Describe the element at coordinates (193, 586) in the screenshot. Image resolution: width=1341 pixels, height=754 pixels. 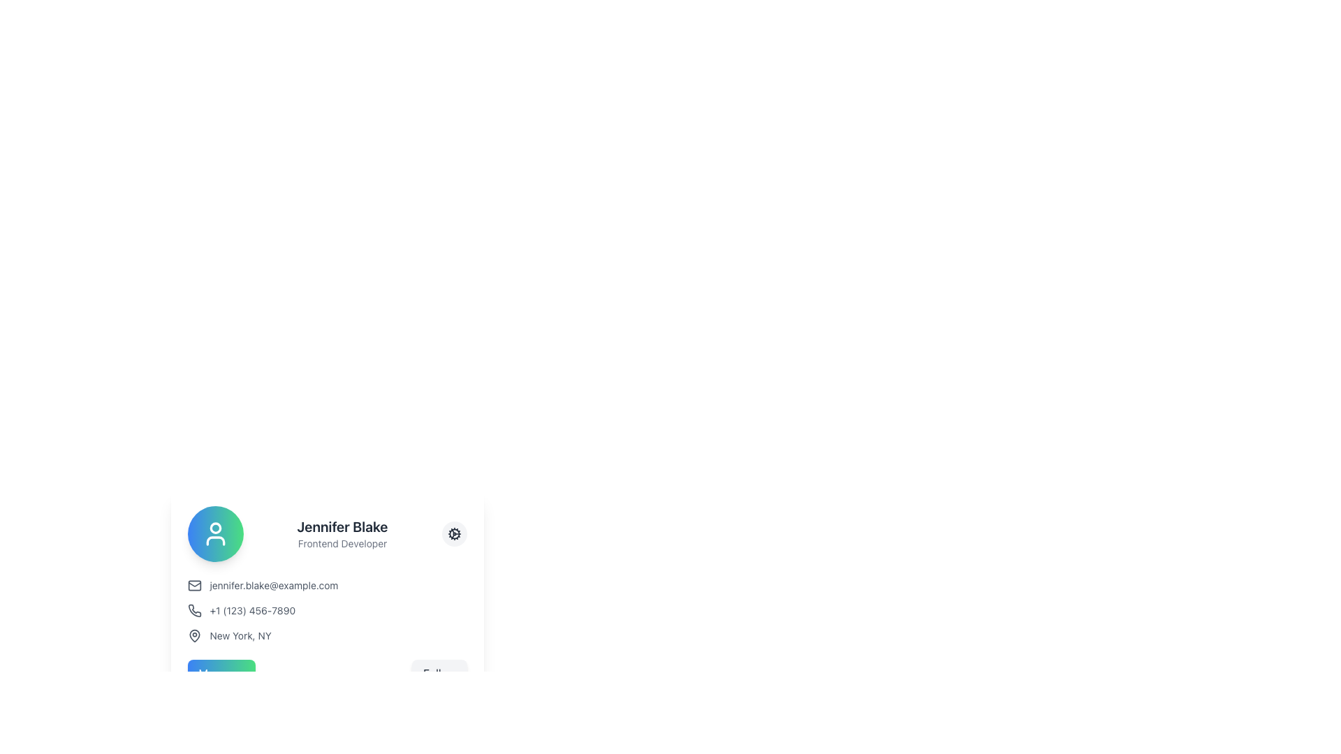
I see `the decorative graphic part of the email envelope icon located to the left of the email address text in the user profile card` at that location.